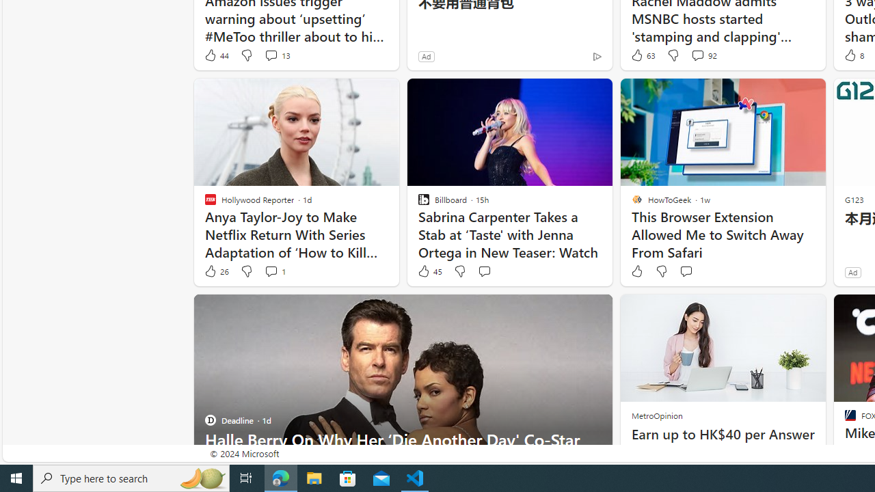 This screenshot has width=875, height=492. I want to click on 'View comments 13 Comment', so click(276, 55).